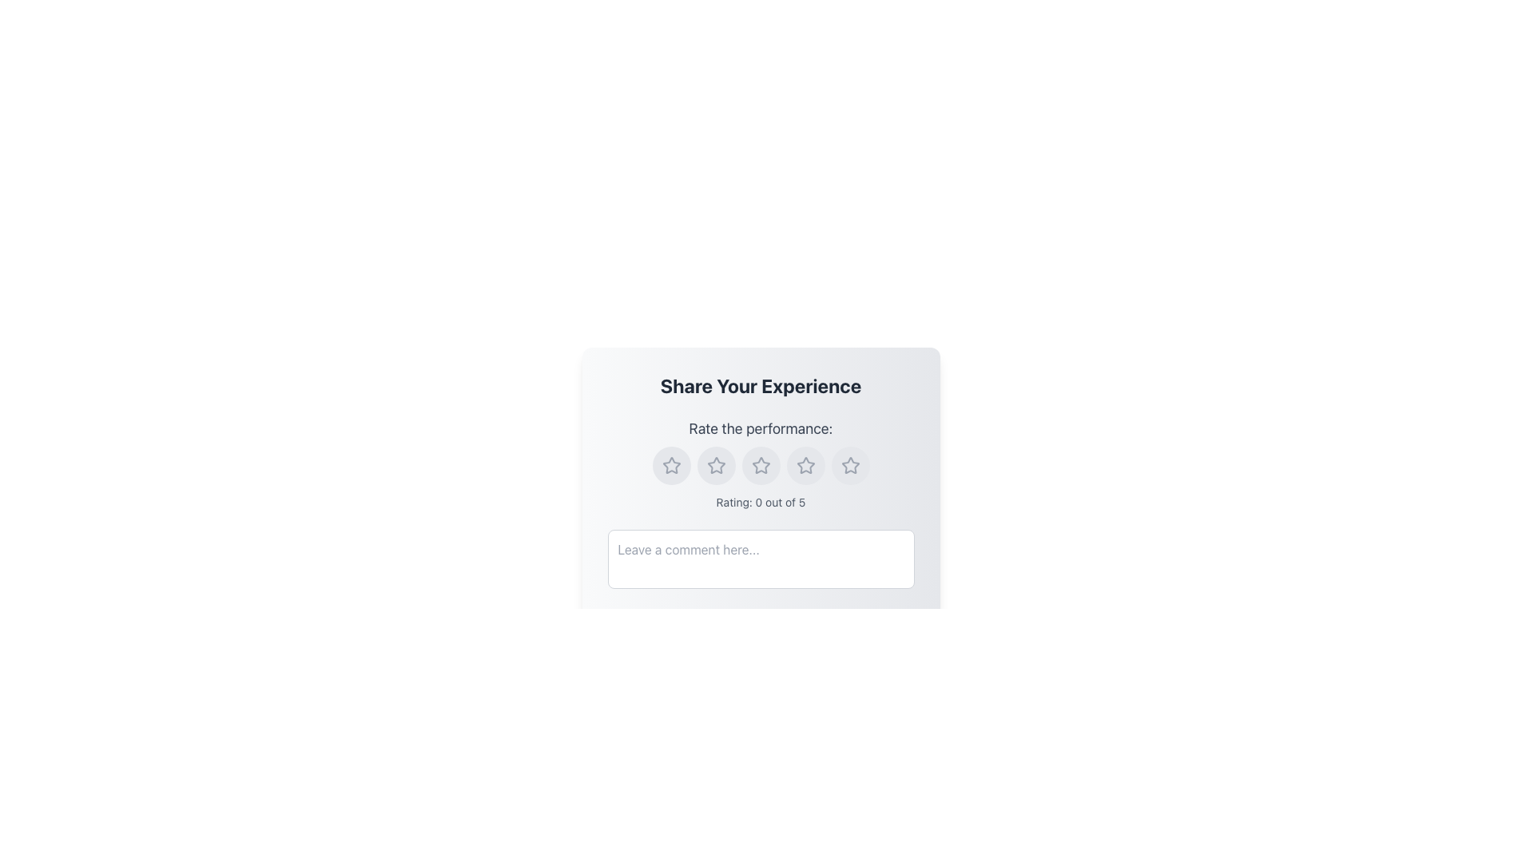 This screenshot has width=1534, height=863. Describe the element at coordinates (715, 465) in the screenshot. I see `the second star icon in the rating system located below the 'Rate the performance:' label` at that location.